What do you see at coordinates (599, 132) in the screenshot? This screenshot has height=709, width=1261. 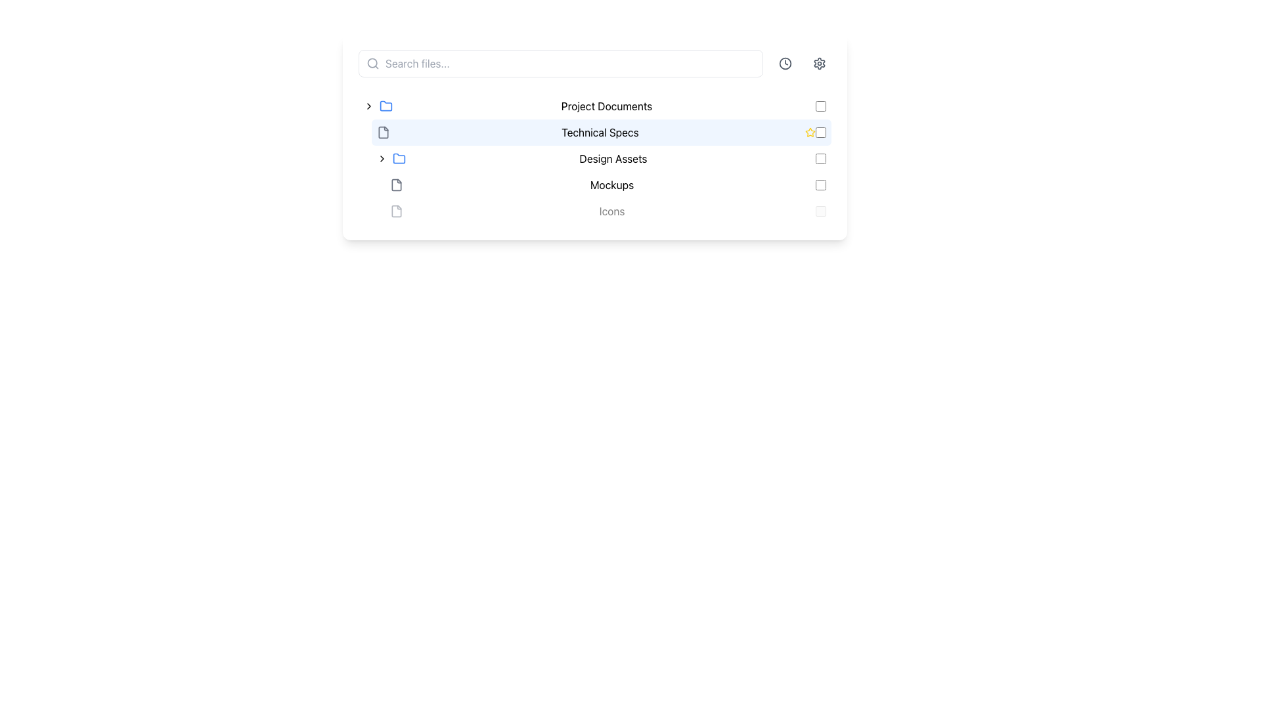 I see `the 'Technical Specs' text label in the navigation row` at bounding box center [599, 132].